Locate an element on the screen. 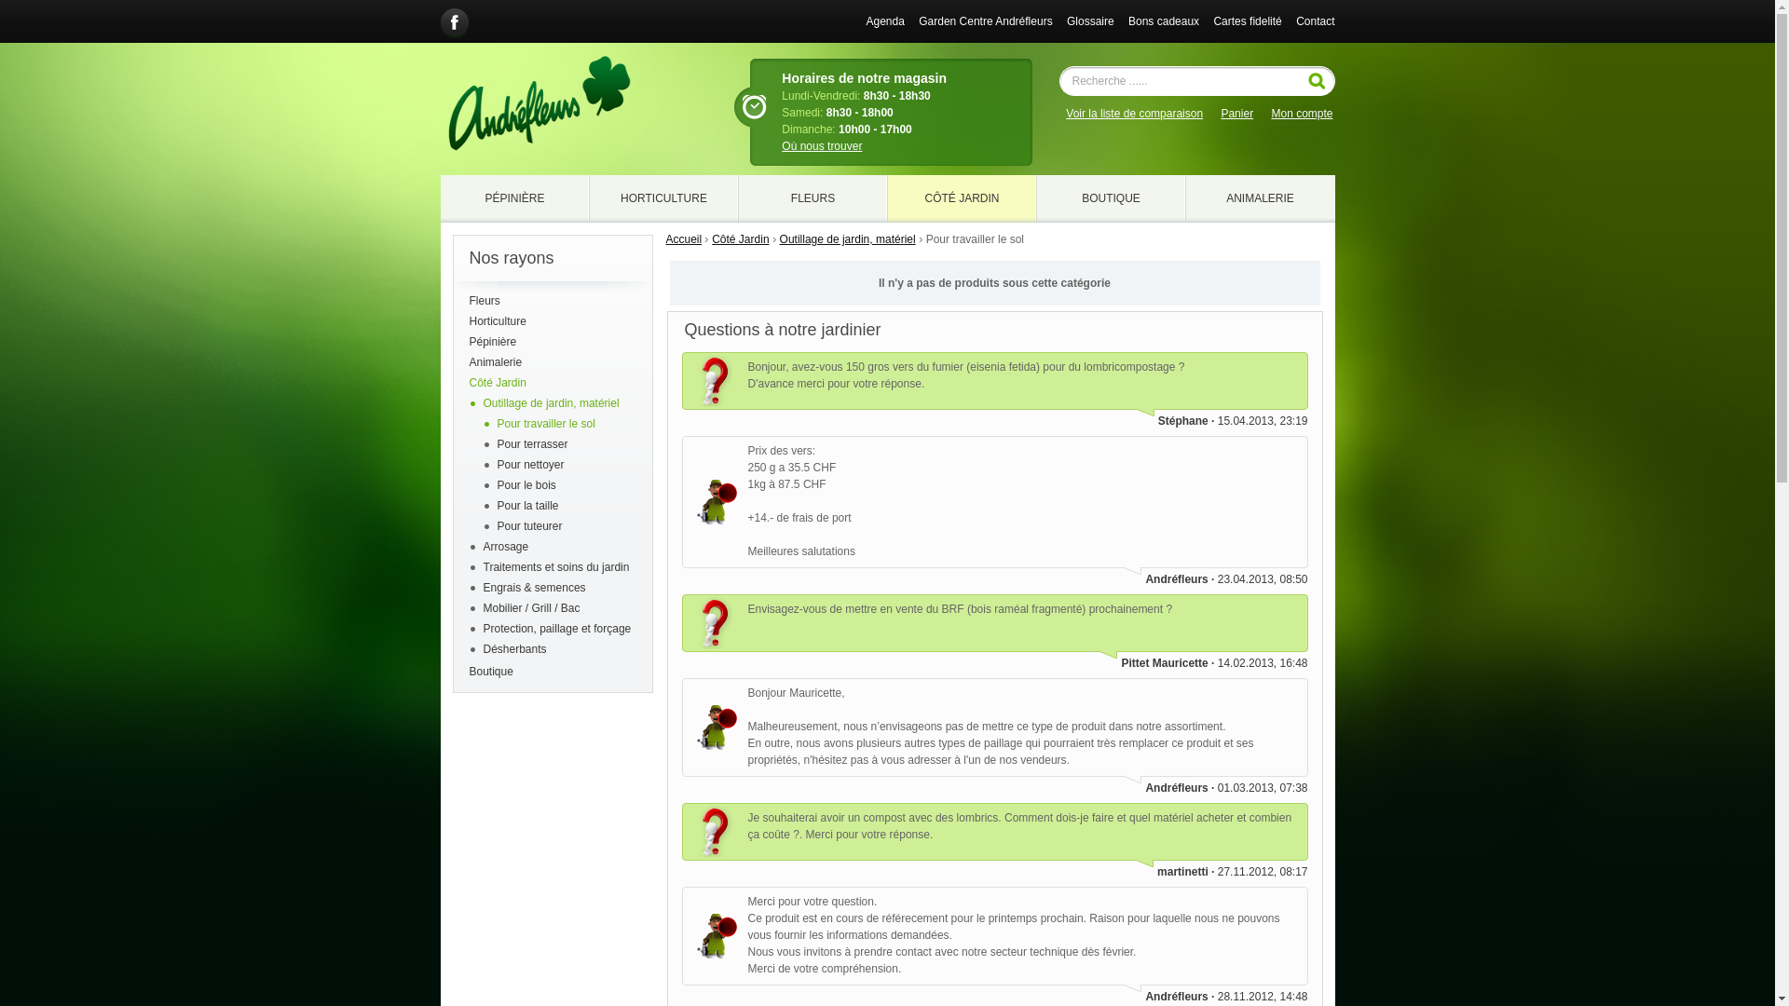 This screenshot has height=1006, width=1789. 'BOUTIQUE' is located at coordinates (1110, 197).